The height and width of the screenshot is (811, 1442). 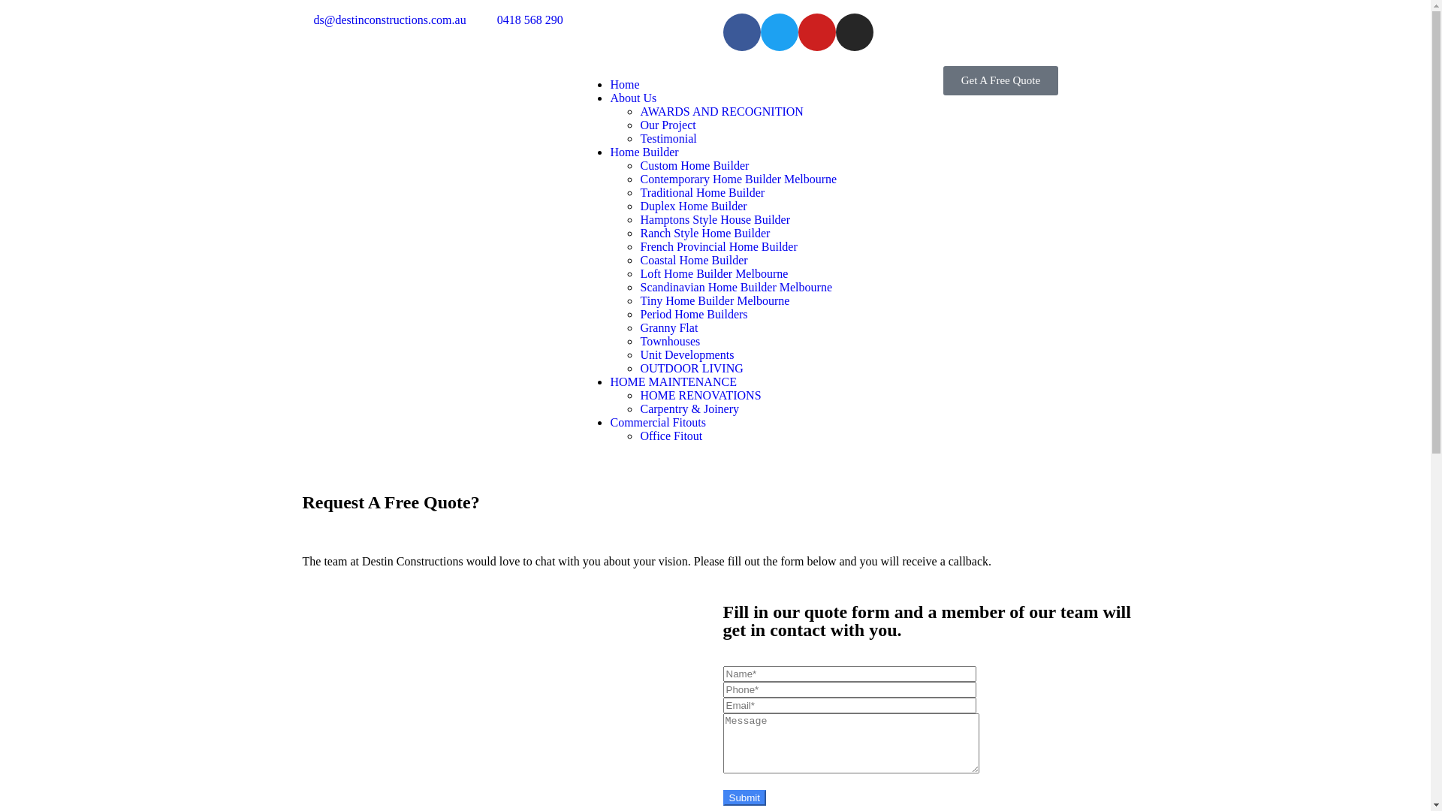 I want to click on 'Testimonial', so click(x=667, y=138).